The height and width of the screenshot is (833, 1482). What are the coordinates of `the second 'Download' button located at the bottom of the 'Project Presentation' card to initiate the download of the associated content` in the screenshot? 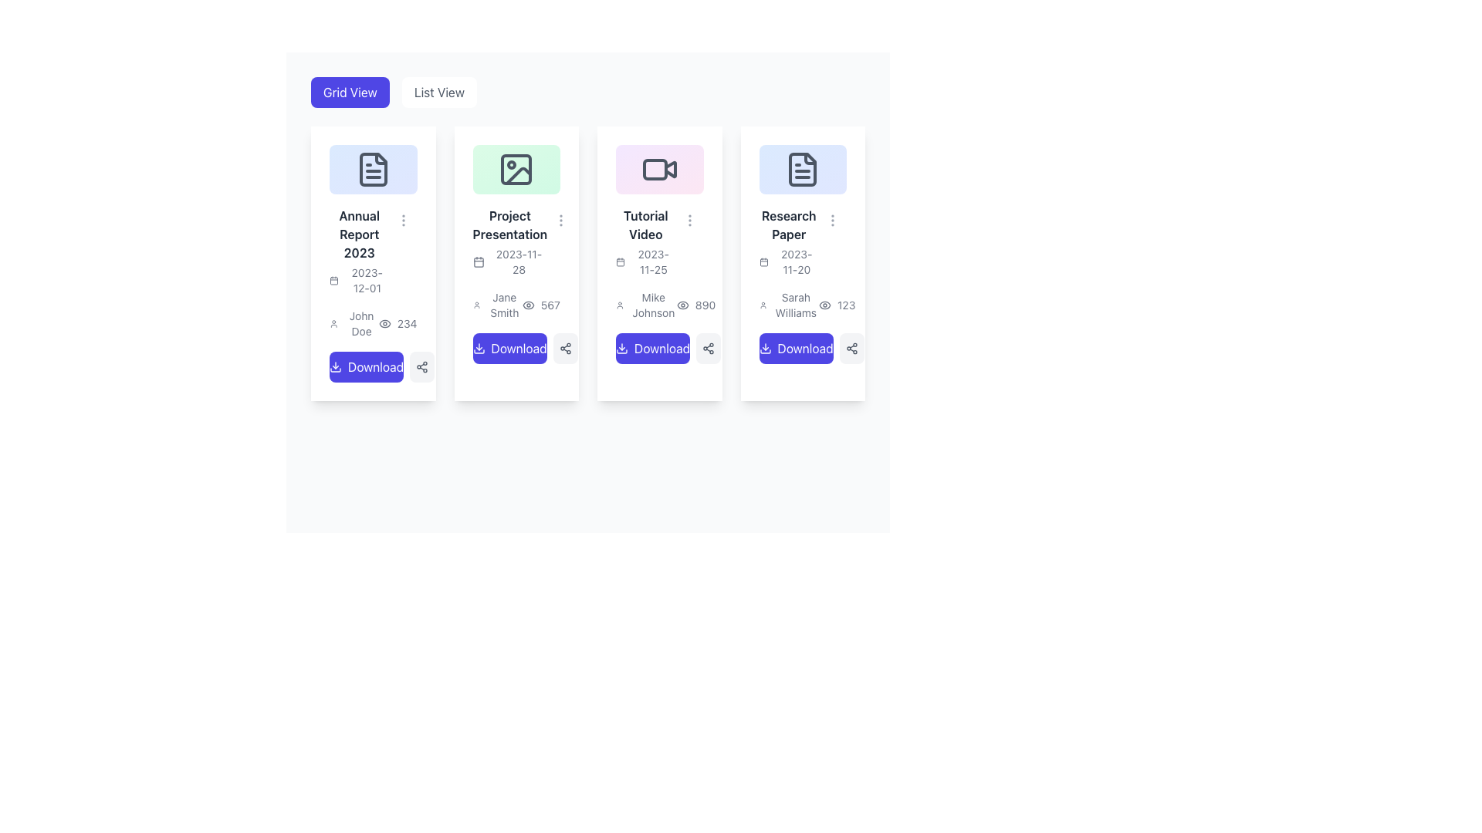 It's located at (516, 348).